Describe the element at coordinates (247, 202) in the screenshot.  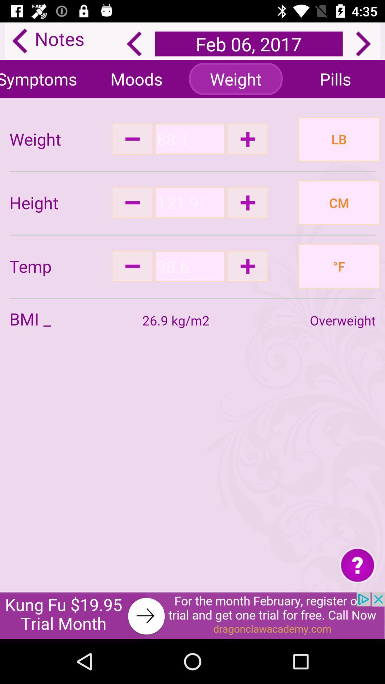
I see `the add icon` at that location.